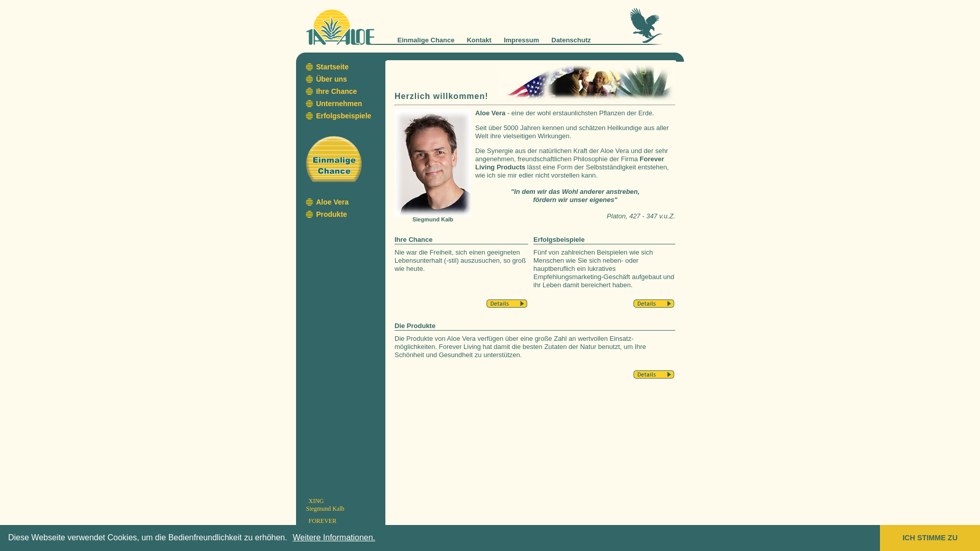 This screenshot has height=551, width=980. Describe the element at coordinates (324, 524) in the screenshot. I see `'FOREVER` at that location.